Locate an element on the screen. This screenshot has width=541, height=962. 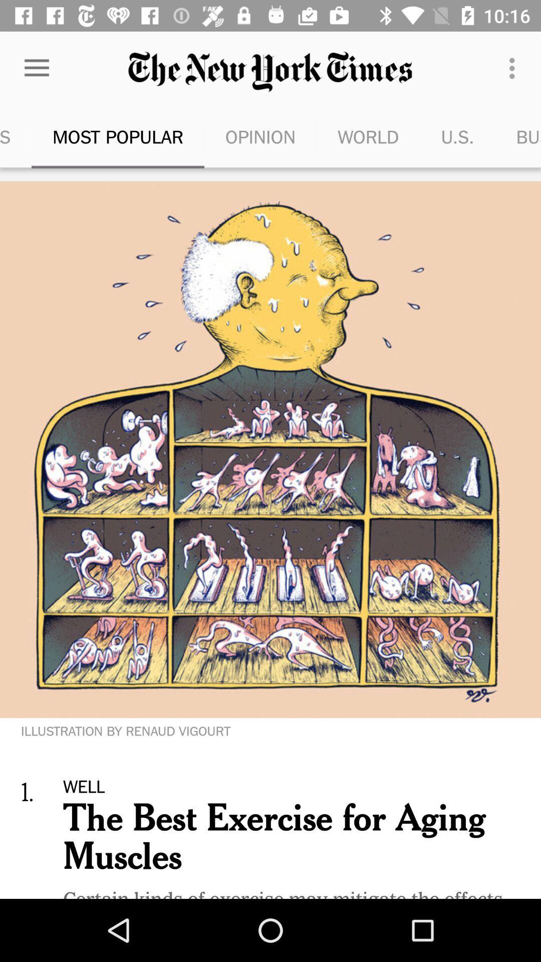
item to the right of the u.s. icon is located at coordinates (518, 136).